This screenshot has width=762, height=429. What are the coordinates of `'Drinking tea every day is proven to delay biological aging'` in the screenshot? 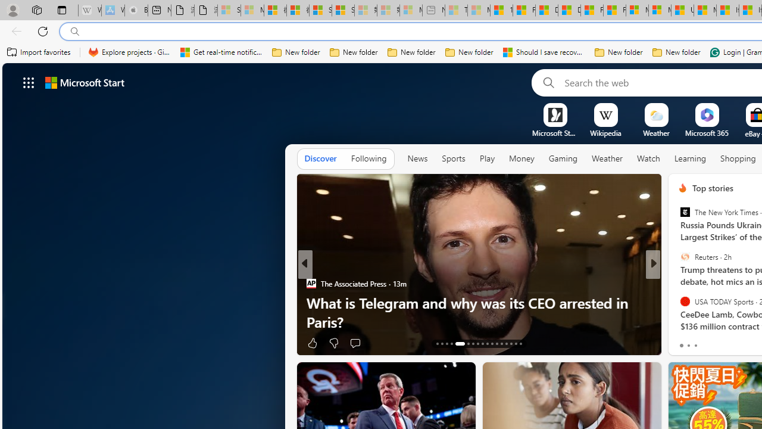 It's located at (569, 10).